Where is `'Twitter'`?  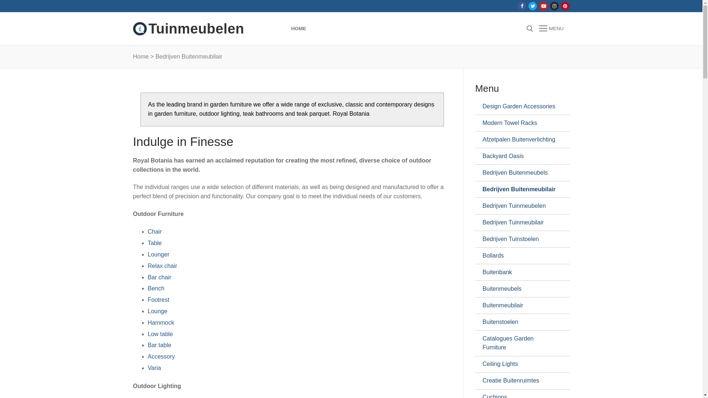
'Twitter' is located at coordinates (532, 6).